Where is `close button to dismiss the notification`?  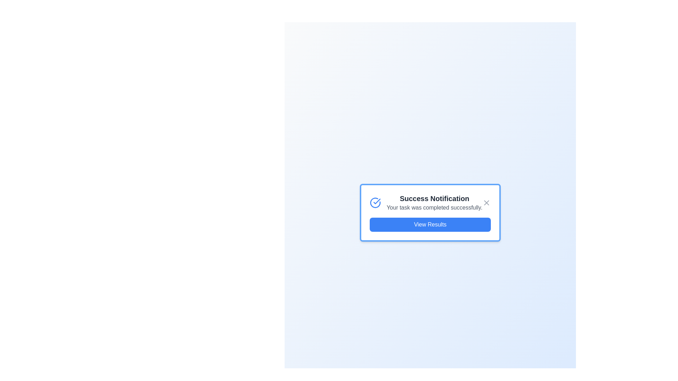
close button to dismiss the notification is located at coordinates (486, 202).